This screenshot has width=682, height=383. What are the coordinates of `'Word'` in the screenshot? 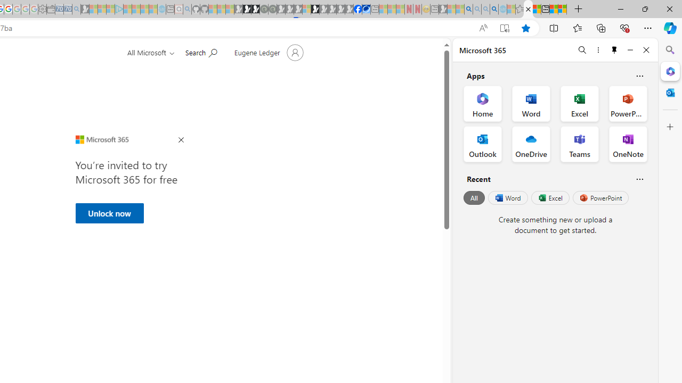 It's located at (507, 198).